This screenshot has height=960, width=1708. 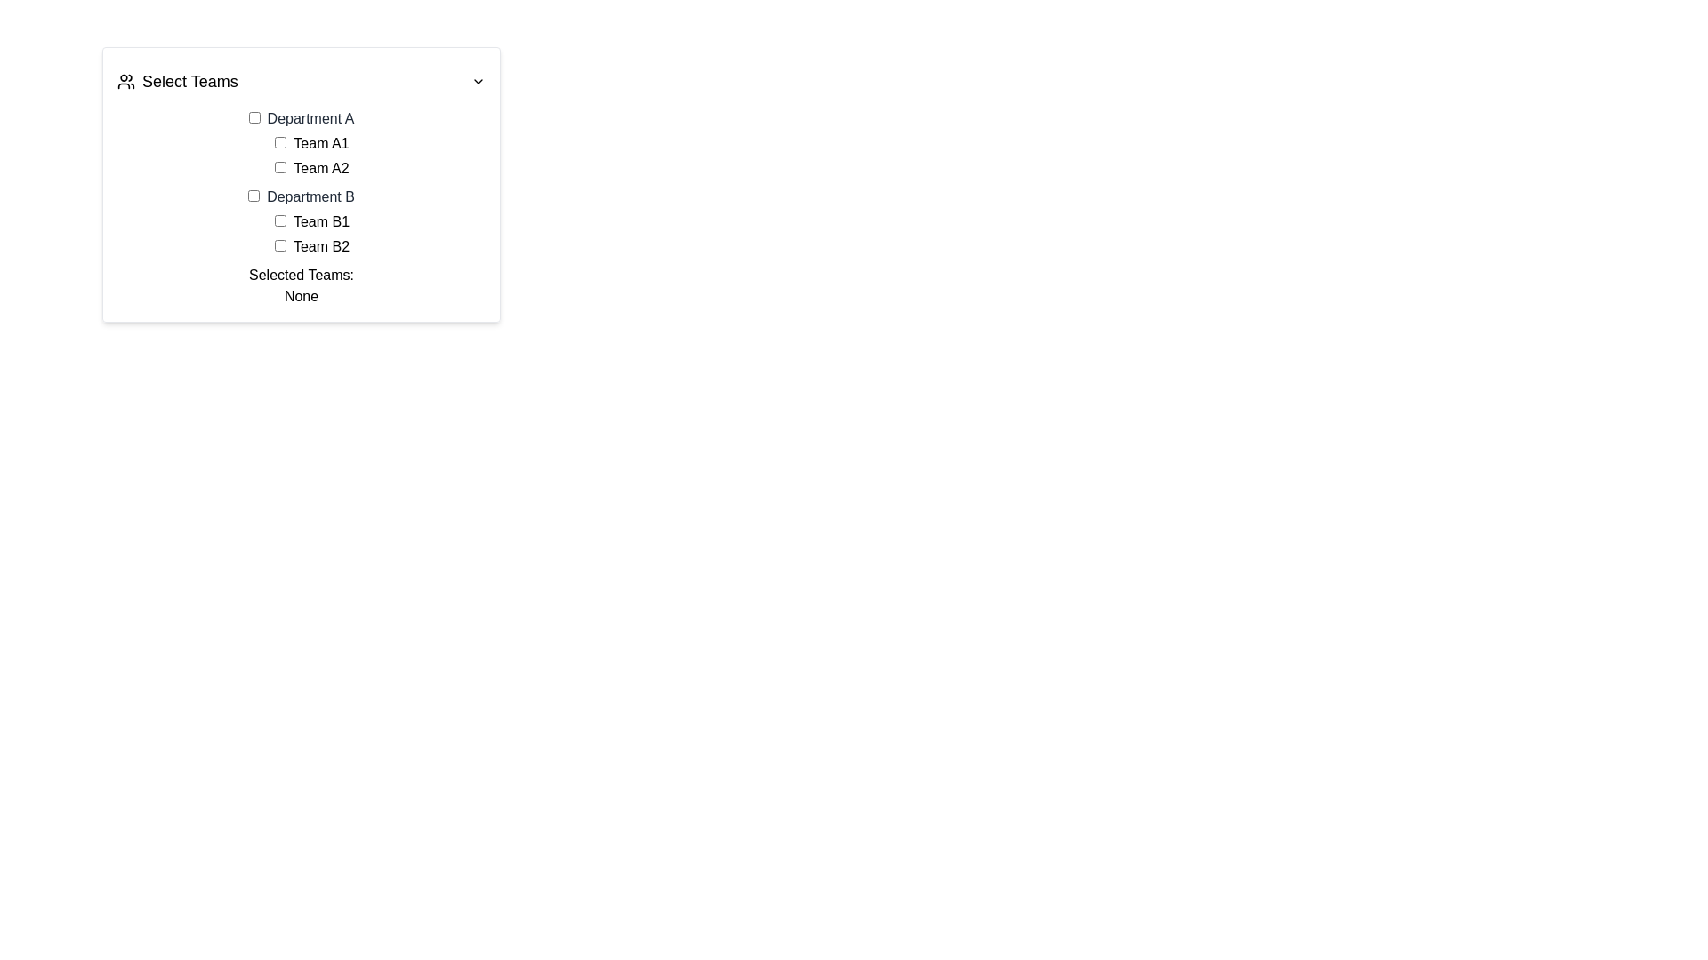 What do you see at coordinates (310, 118) in the screenshot?
I see `the text label for 'Department A', which identifies the associated checkbox in the hierarchical list` at bounding box center [310, 118].